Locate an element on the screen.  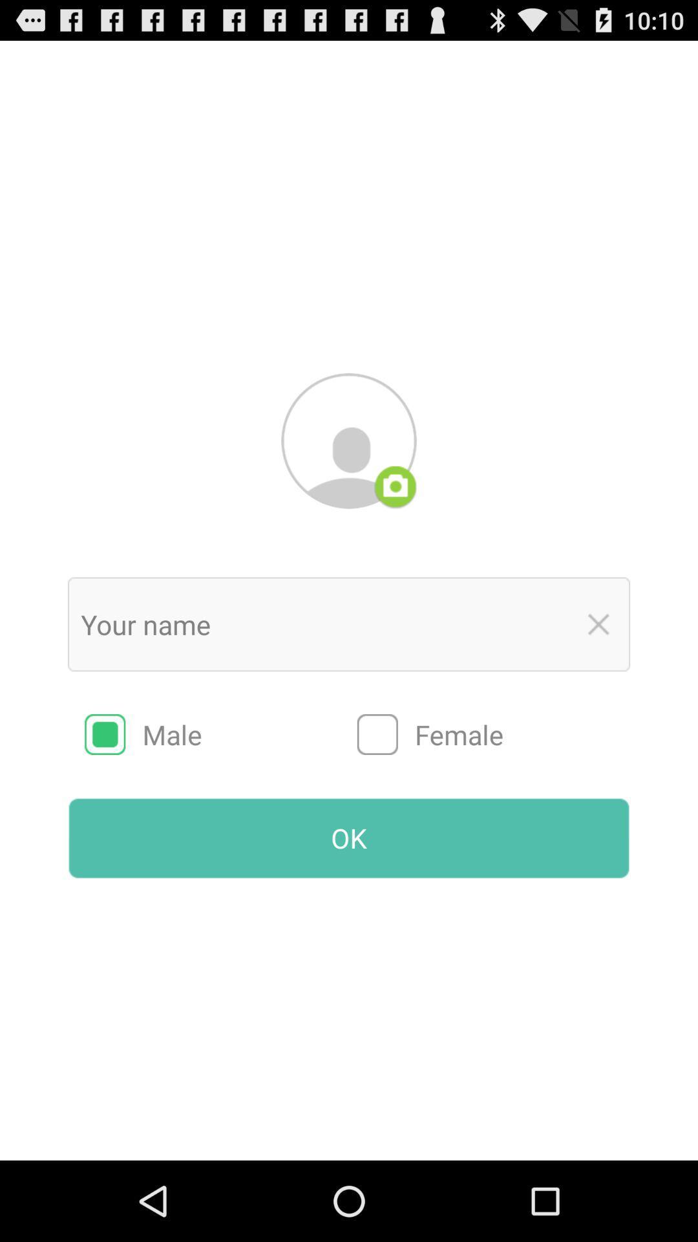
the female is located at coordinates (493, 734).